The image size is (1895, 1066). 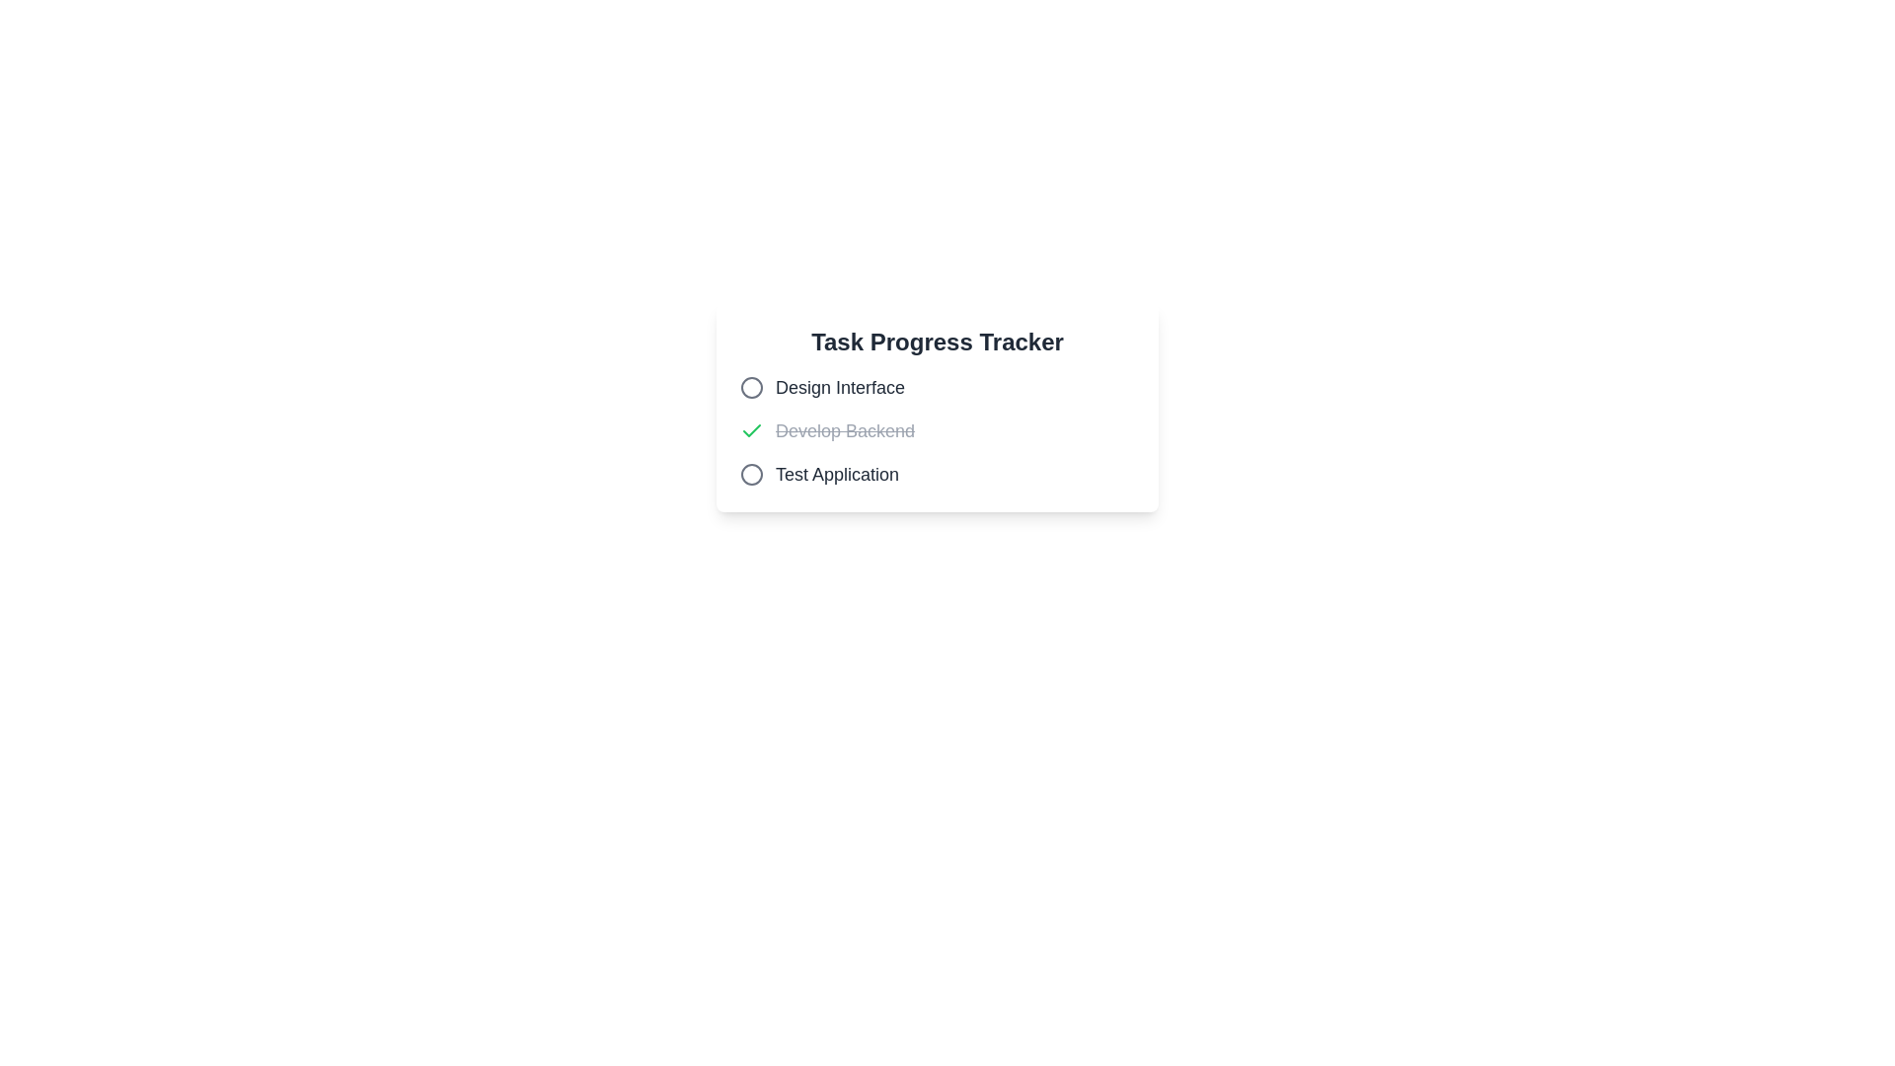 What do you see at coordinates (751, 475) in the screenshot?
I see `the Circular icon (status marker) which indicates the status for 'Test Application' located in the bottom-most position of the icons in the 'Task Progress Tracker'` at bounding box center [751, 475].